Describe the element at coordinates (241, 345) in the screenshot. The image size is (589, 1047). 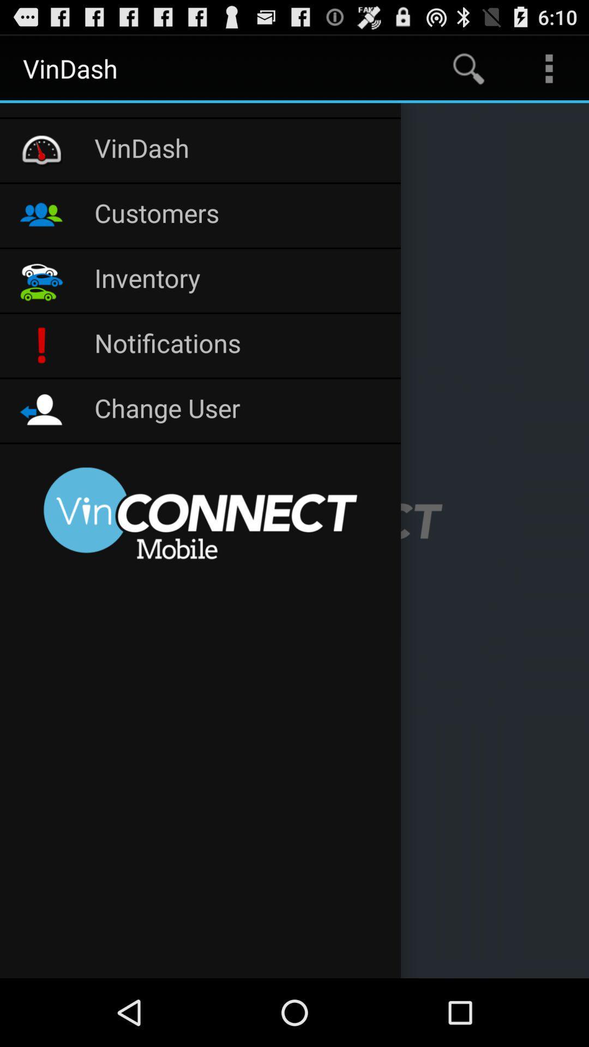
I see `the notifications` at that location.